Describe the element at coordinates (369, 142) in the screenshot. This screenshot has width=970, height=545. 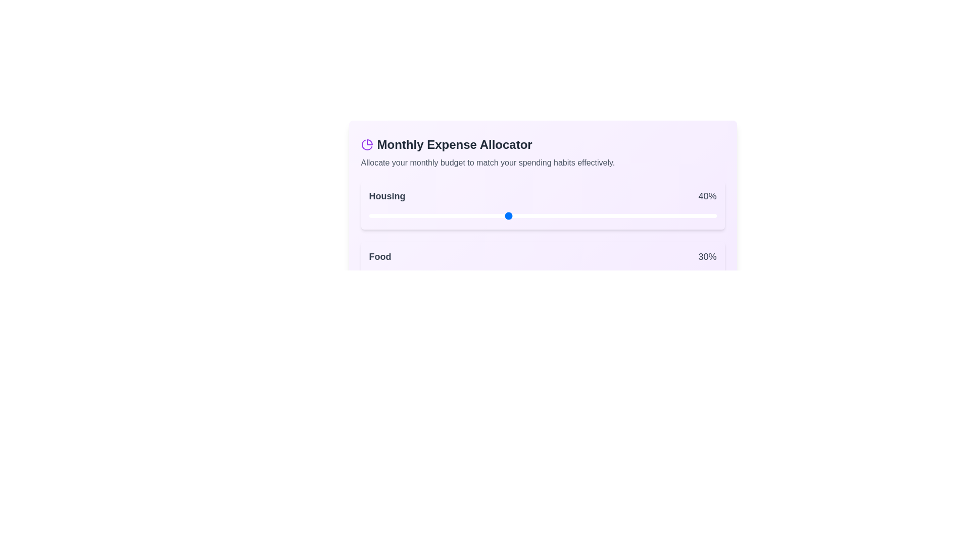
I see `the upper-right quadrant of the pie chart graphic, which is part of the icon preceding the 'Monthly Expense Allocator' text headline` at that location.